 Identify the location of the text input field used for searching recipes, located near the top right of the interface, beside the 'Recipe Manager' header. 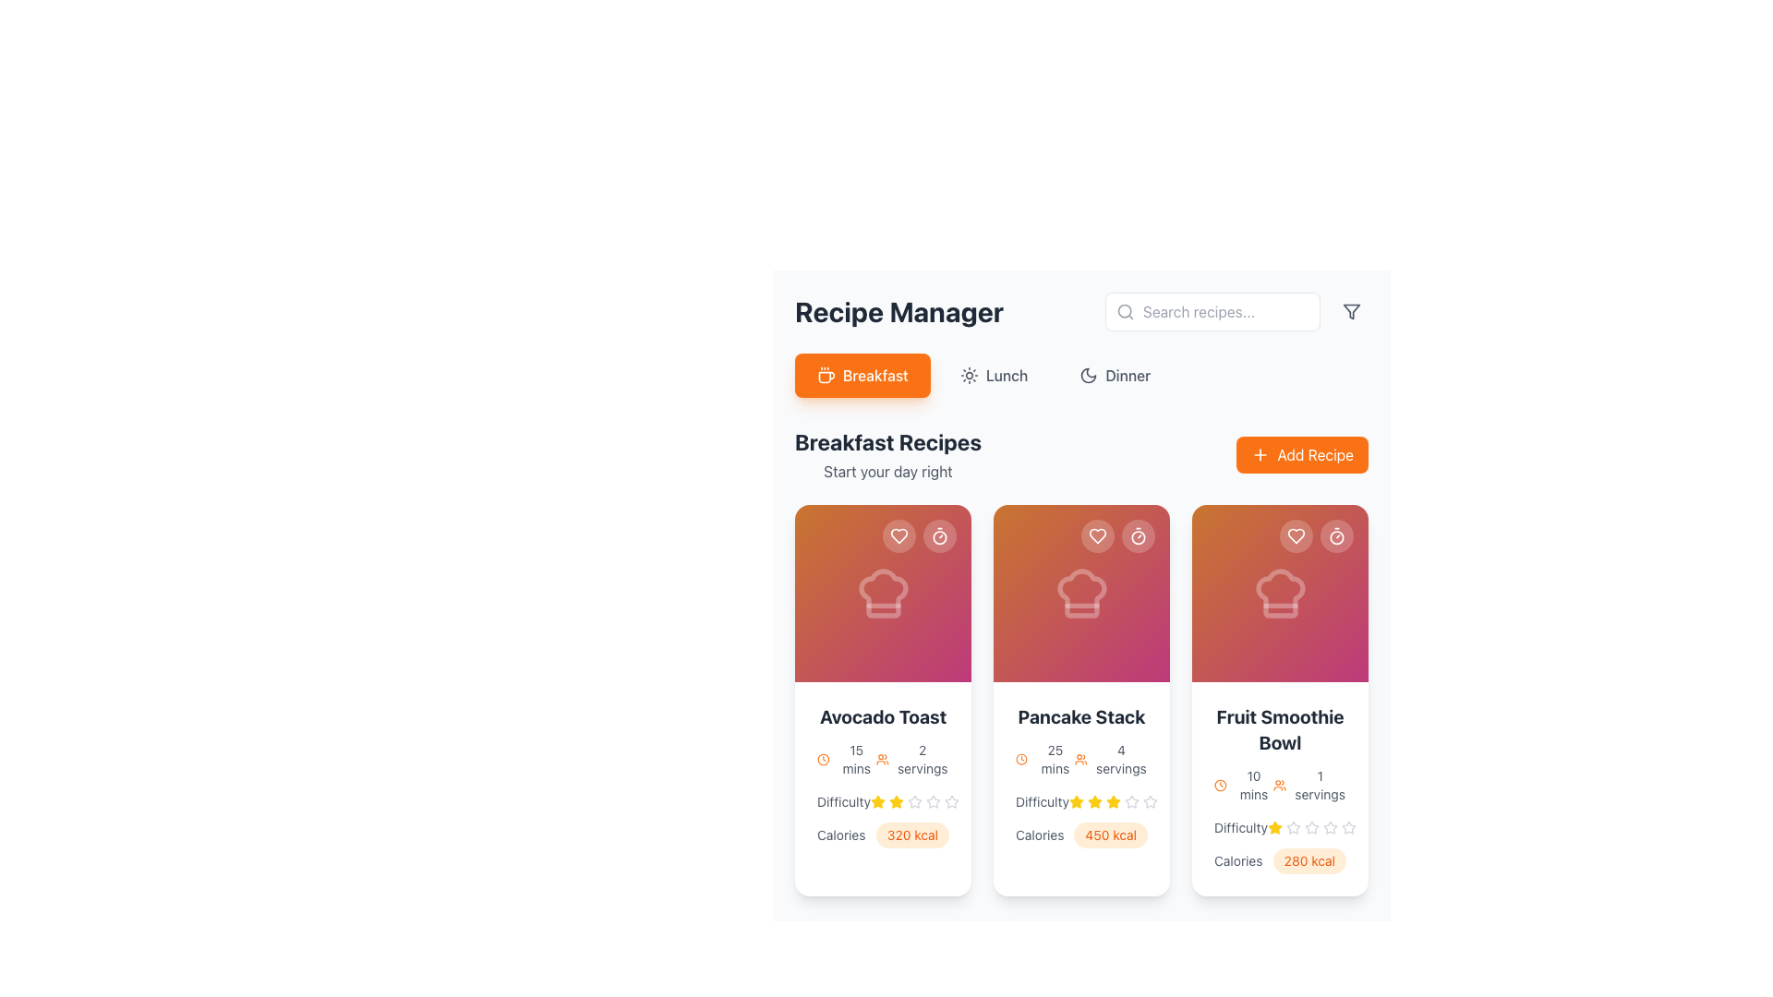
(1212, 311).